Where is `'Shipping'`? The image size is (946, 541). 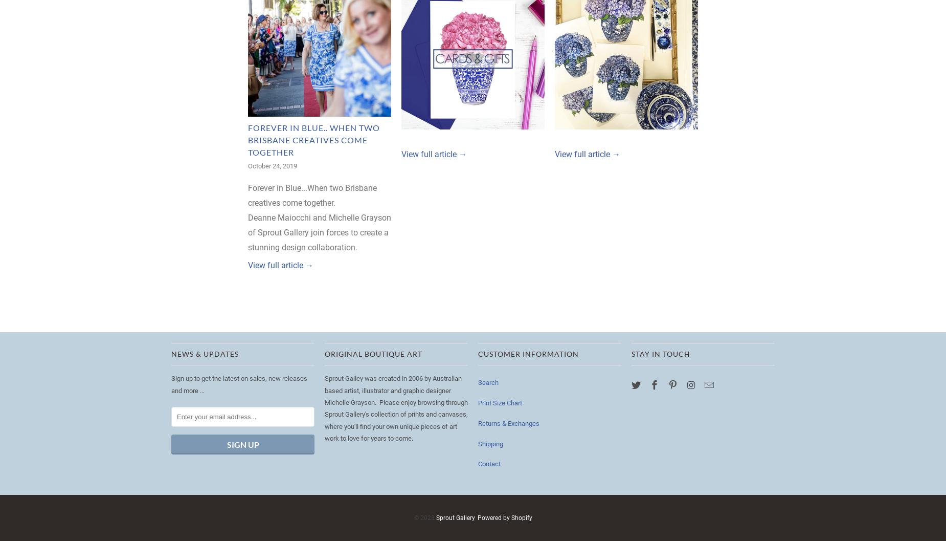
'Shipping' is located at coordinates (490, 443).